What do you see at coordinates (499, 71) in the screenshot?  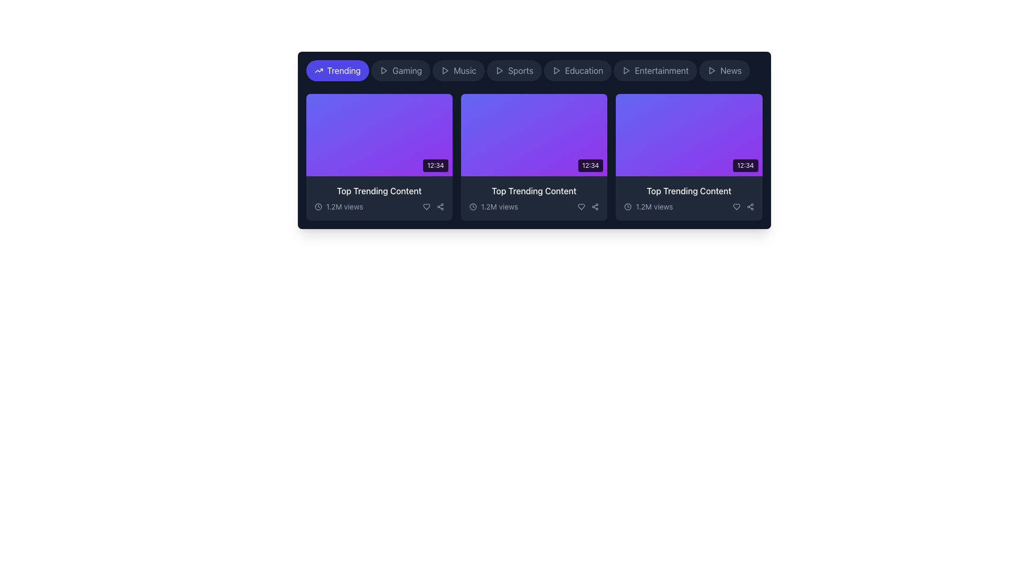 I see `the triangular play icon within the 'Sports' button` at bounding box center [499, 71].